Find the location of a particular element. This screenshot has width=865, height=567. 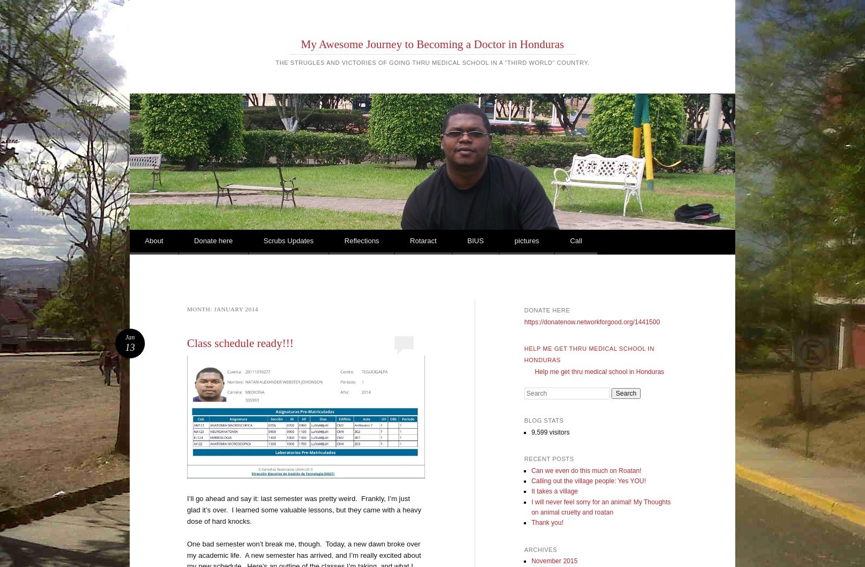

'November 2015' is located at coordinates (554, 561).